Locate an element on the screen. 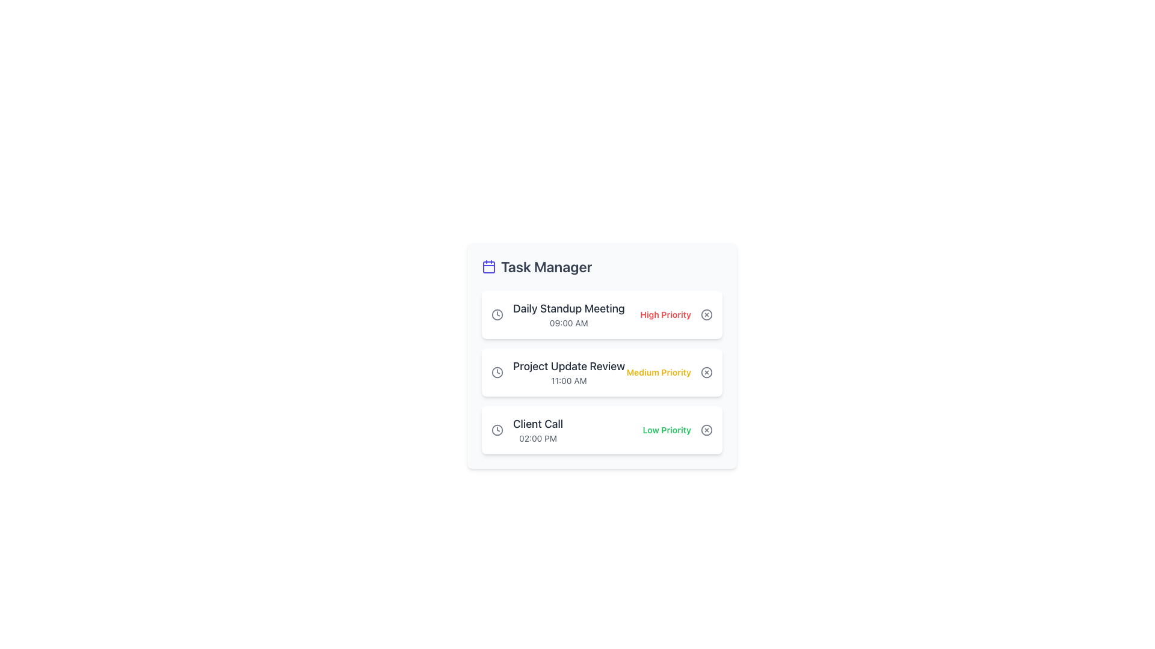  the Text Label displaying '09:00 AM' for the Daily Standup Meeting, located beneath the meeting title in the first card of the Task Manager interface is located at coordinates (568, 322).